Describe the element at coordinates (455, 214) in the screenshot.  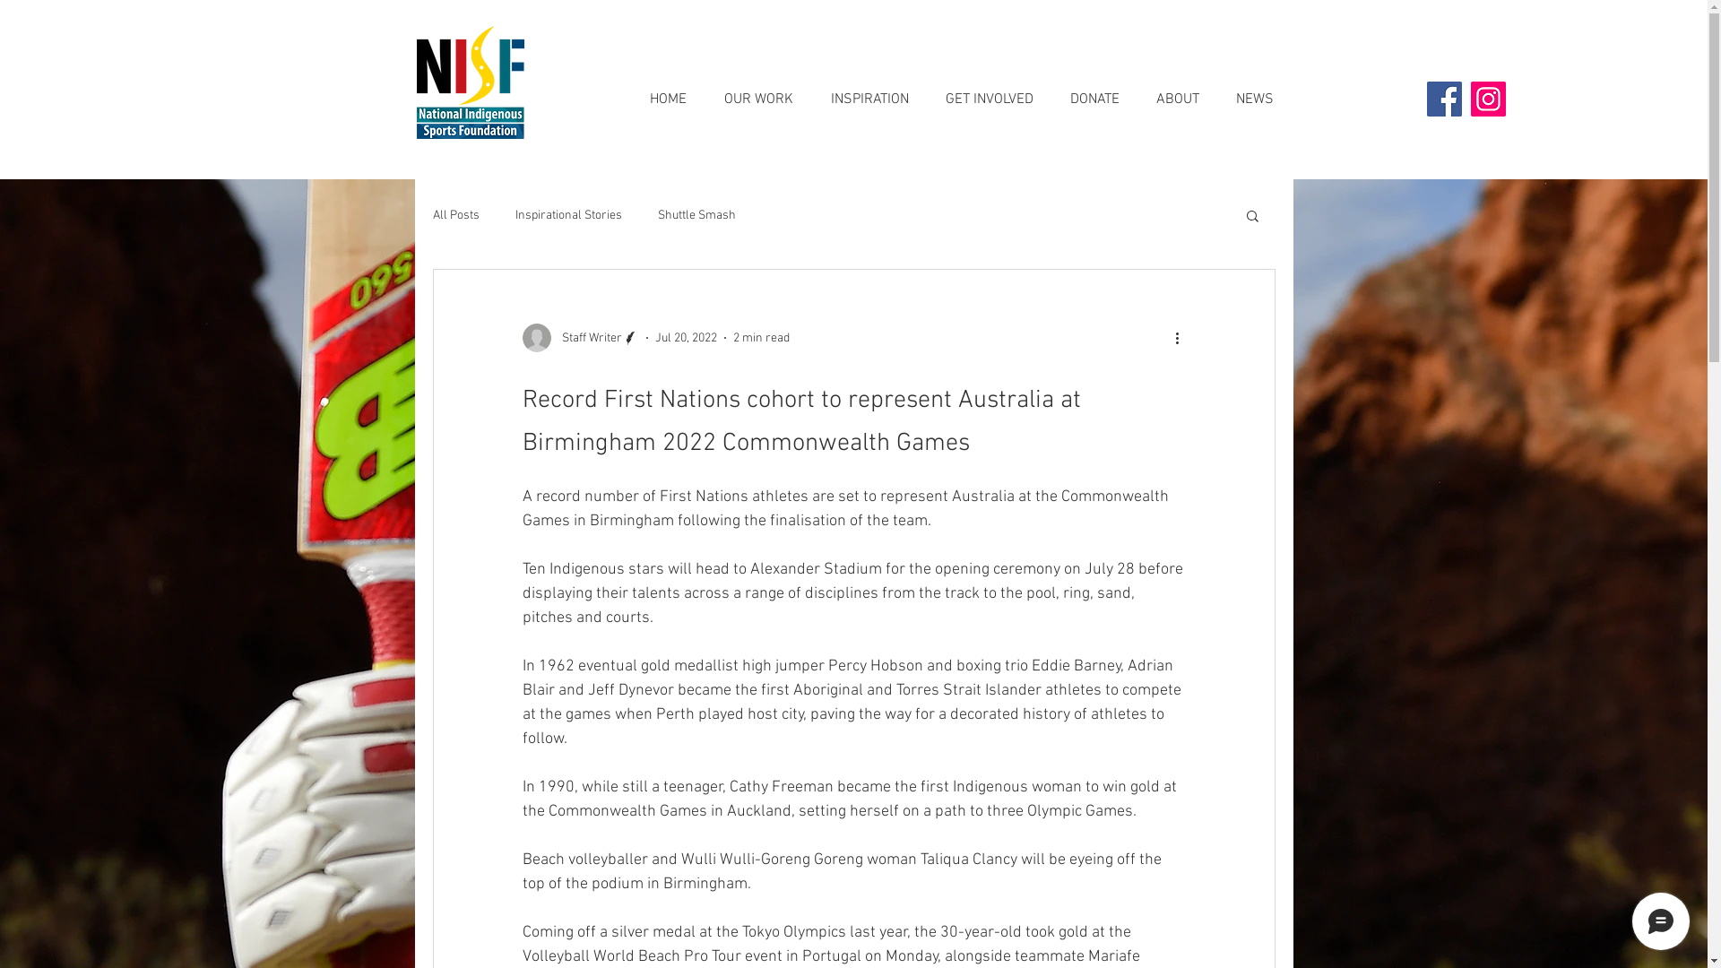
I see `'All Posts'` at that location.